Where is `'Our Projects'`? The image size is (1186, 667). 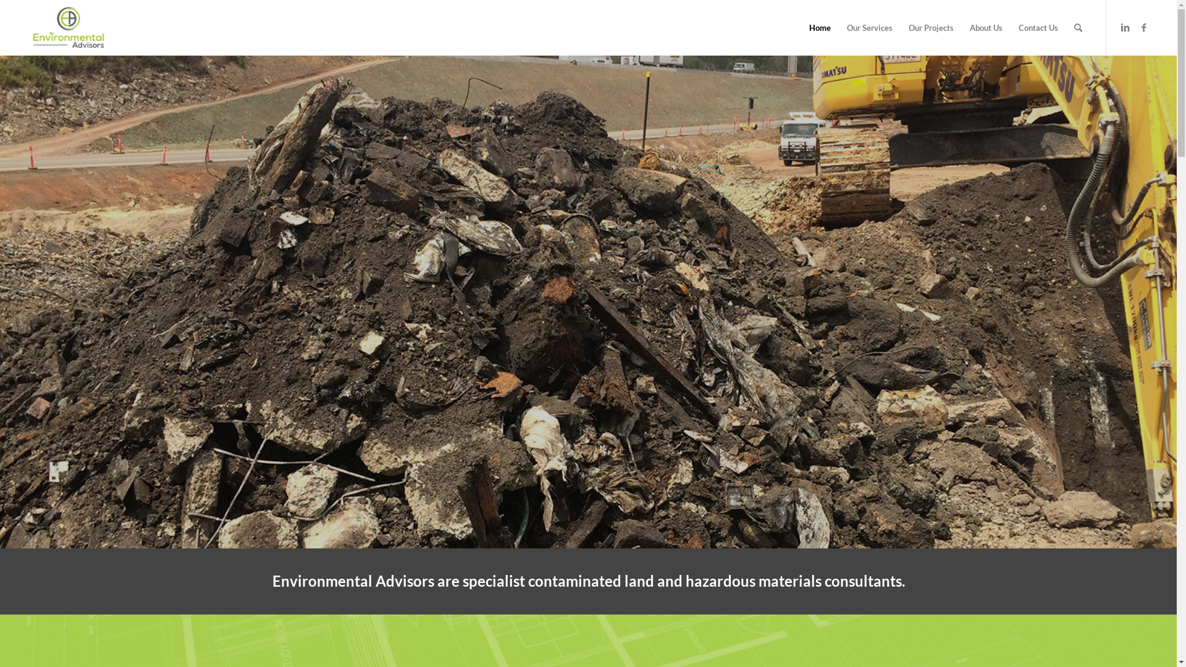
'Our Projects' is located at coordinates (931, 28).